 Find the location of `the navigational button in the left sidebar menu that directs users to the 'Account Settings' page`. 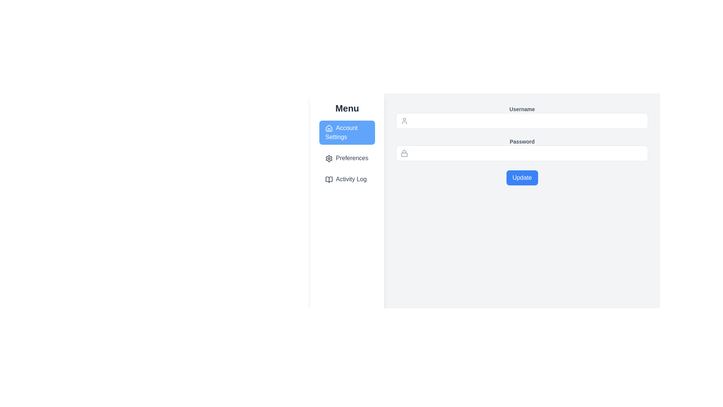

the navigational button in the left sidebar menu that directs users to the 'Account Settings' page is located at coordinates (346, 132).